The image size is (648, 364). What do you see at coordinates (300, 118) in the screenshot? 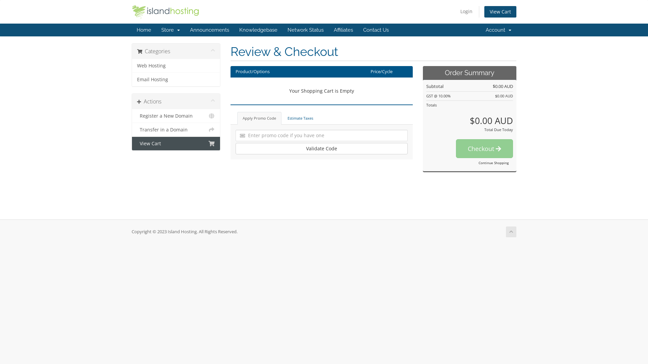
I see `'Estimate Taxes'` at bounding box center [300, 118].